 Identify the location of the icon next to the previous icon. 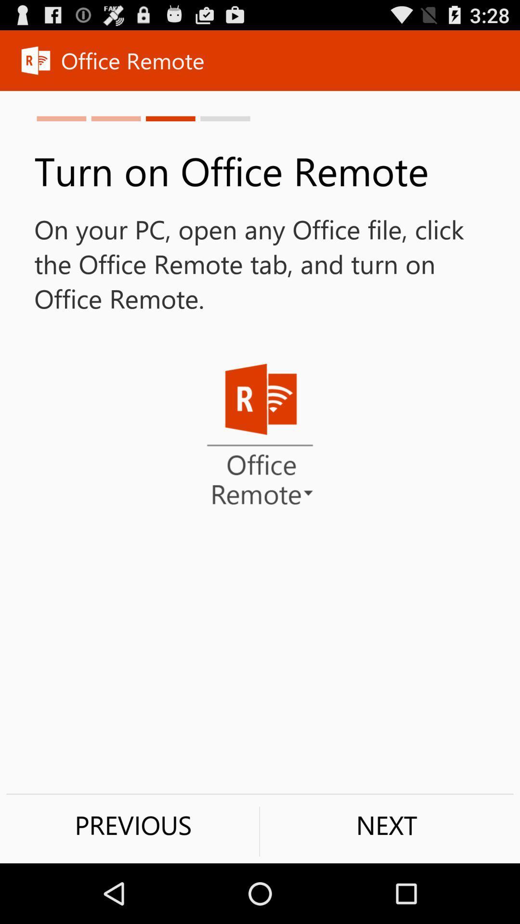
(386, 824).